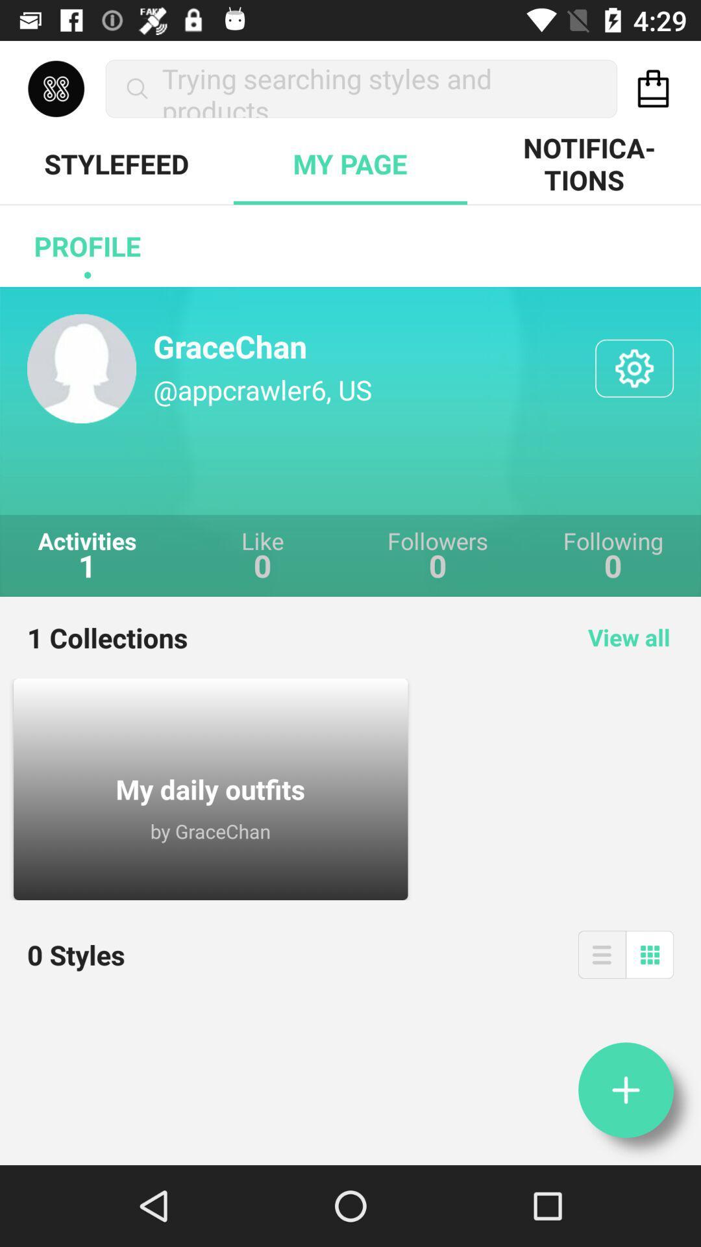 The width and height of the screenshot is (701, 1247). What do you see at coordinates (633, 368) in the screenshot?
I see `see parameters` at bounding box center [633, 368].